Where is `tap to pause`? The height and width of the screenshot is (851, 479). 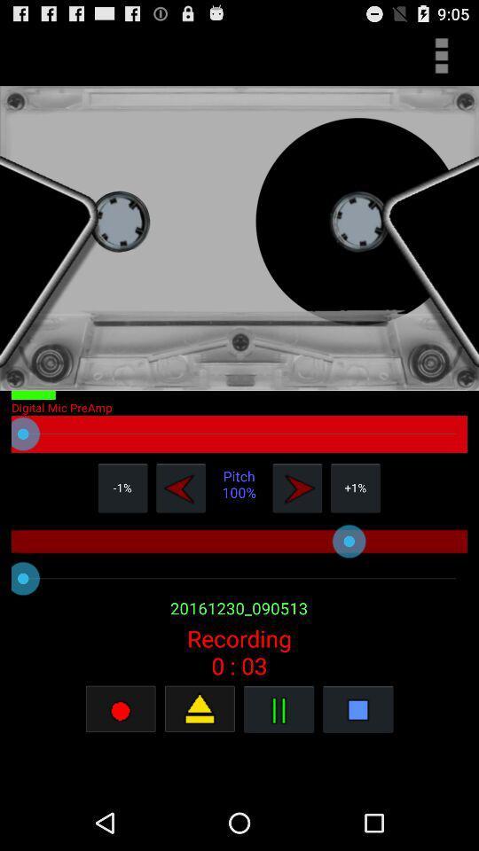
tap to pause is located at coordinates (279, 708).